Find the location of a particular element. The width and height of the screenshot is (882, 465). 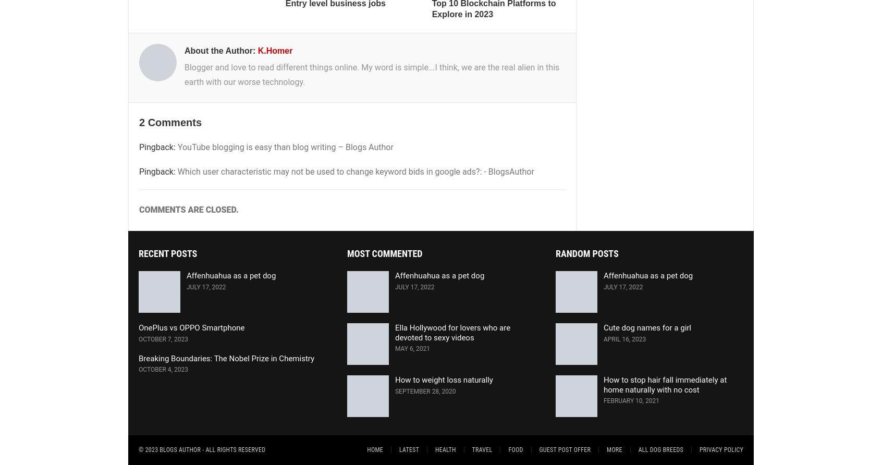

'Comments are closed.' is located at coordinates (188, 209).